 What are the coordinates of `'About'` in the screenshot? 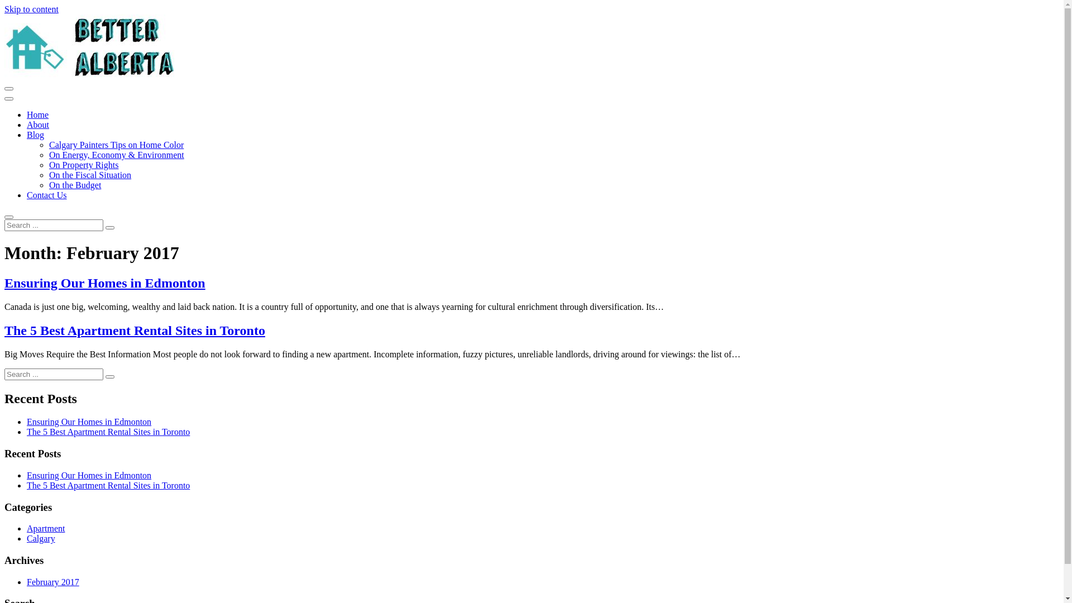 It's located at (37, 125).